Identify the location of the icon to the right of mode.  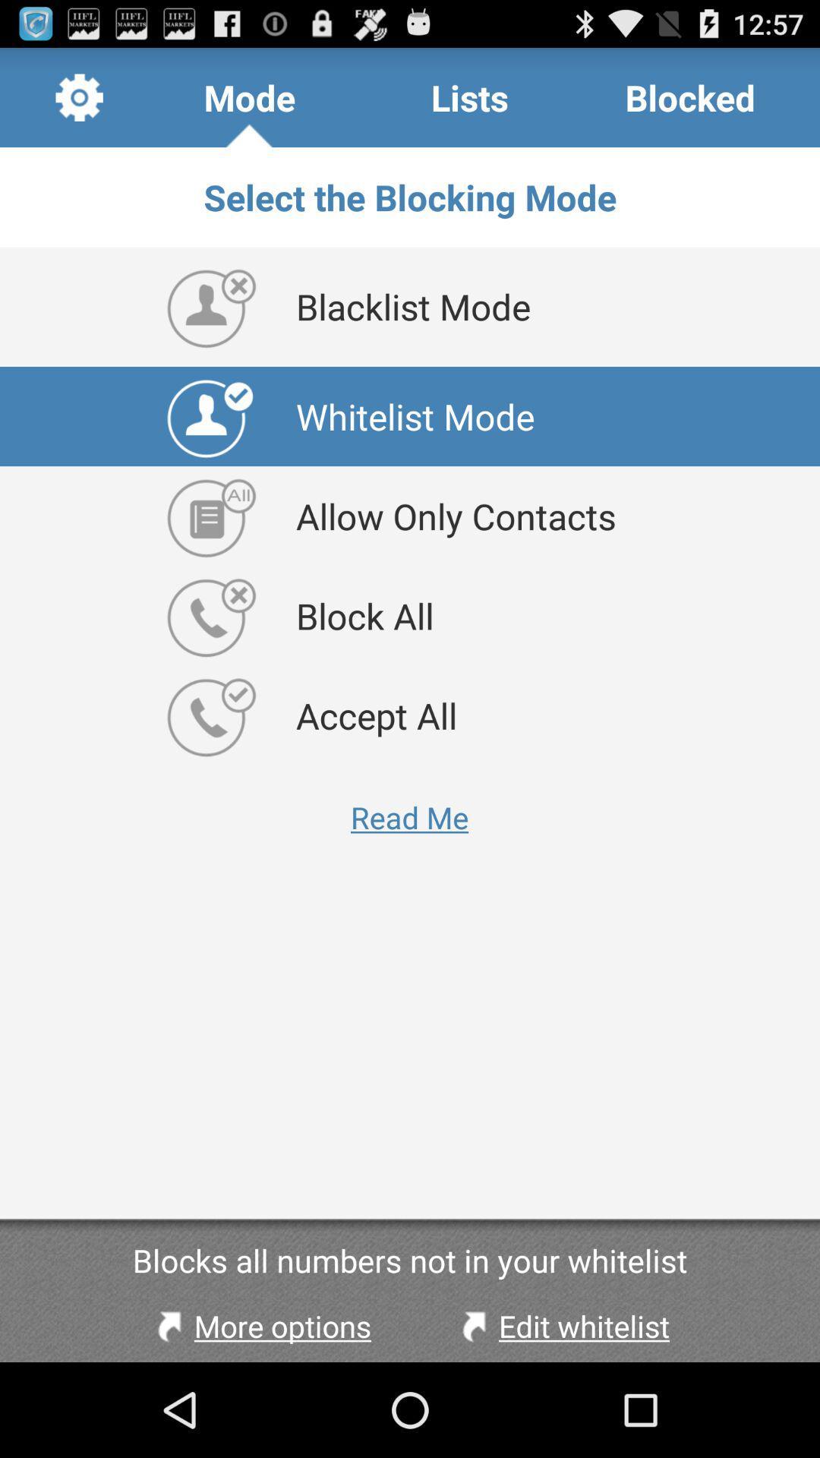
(469, 96).